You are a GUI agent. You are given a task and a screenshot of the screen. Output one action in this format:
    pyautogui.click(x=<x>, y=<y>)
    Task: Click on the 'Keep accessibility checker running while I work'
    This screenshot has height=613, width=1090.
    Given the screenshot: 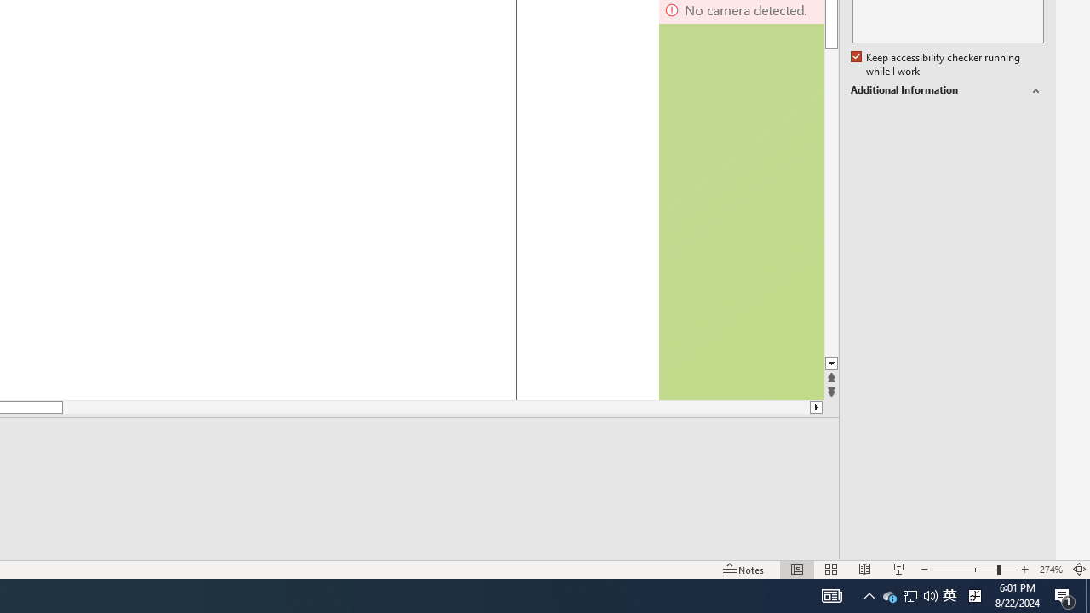 What is the action you would take?
    pyautogui.click(x=936, y=64)
    